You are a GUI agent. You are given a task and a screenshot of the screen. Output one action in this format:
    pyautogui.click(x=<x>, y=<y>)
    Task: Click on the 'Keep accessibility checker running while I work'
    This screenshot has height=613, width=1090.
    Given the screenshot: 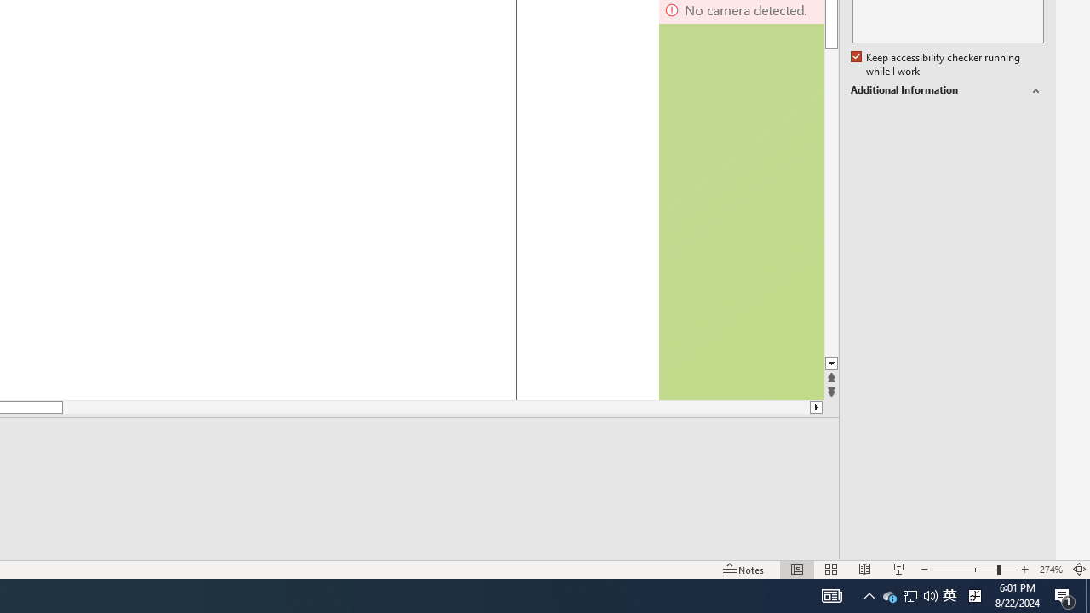 What is the action you would take?
    pyautogui.click(x=936, y=64)
    